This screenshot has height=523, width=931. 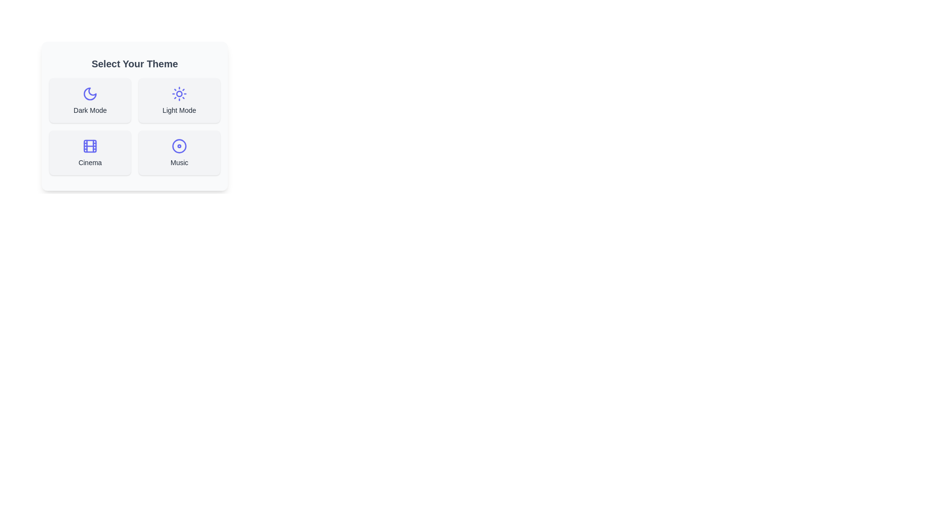 I want to click on the center circle of the sun-like icon in the upper-right quadrant of the 'Select Your Theme' section, so click(x=179, y=93).